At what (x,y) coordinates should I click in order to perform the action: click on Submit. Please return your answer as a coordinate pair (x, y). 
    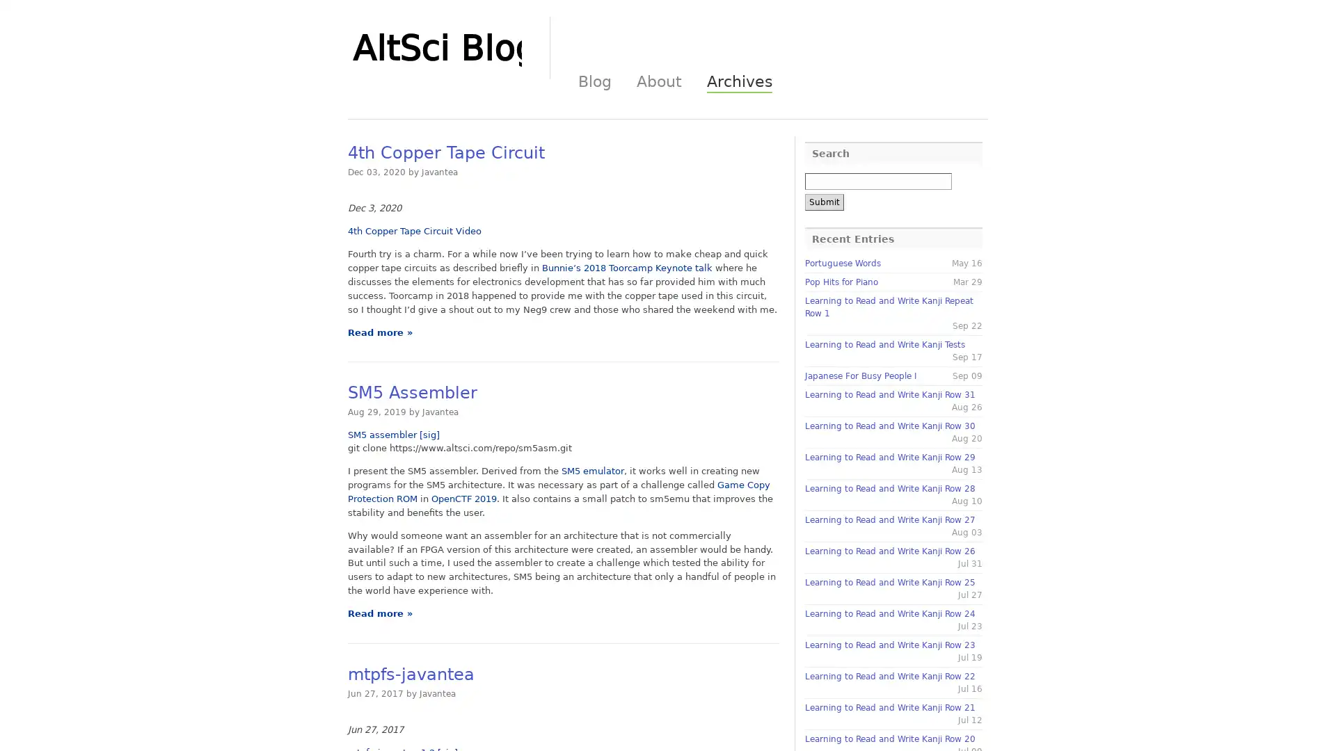
    Looking at the image, I should click on (825, 202).